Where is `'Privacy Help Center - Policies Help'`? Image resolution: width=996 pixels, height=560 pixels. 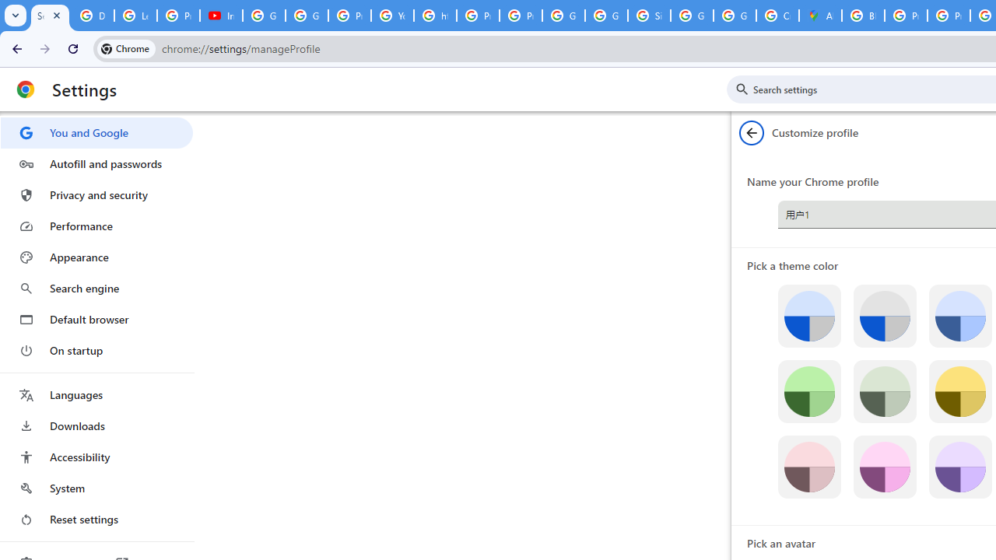 'Privacy Help Center - Policies Help' is located at coordinates (906, 16).